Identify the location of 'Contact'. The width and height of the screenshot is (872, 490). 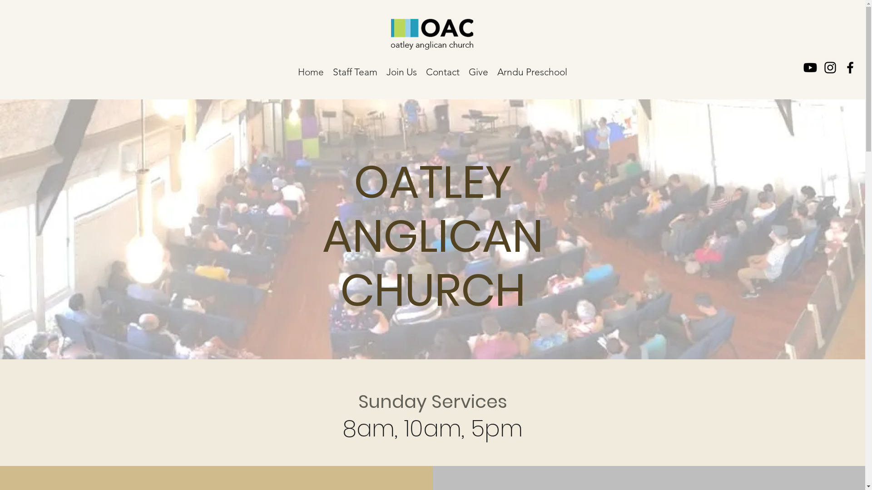
(421, 69).